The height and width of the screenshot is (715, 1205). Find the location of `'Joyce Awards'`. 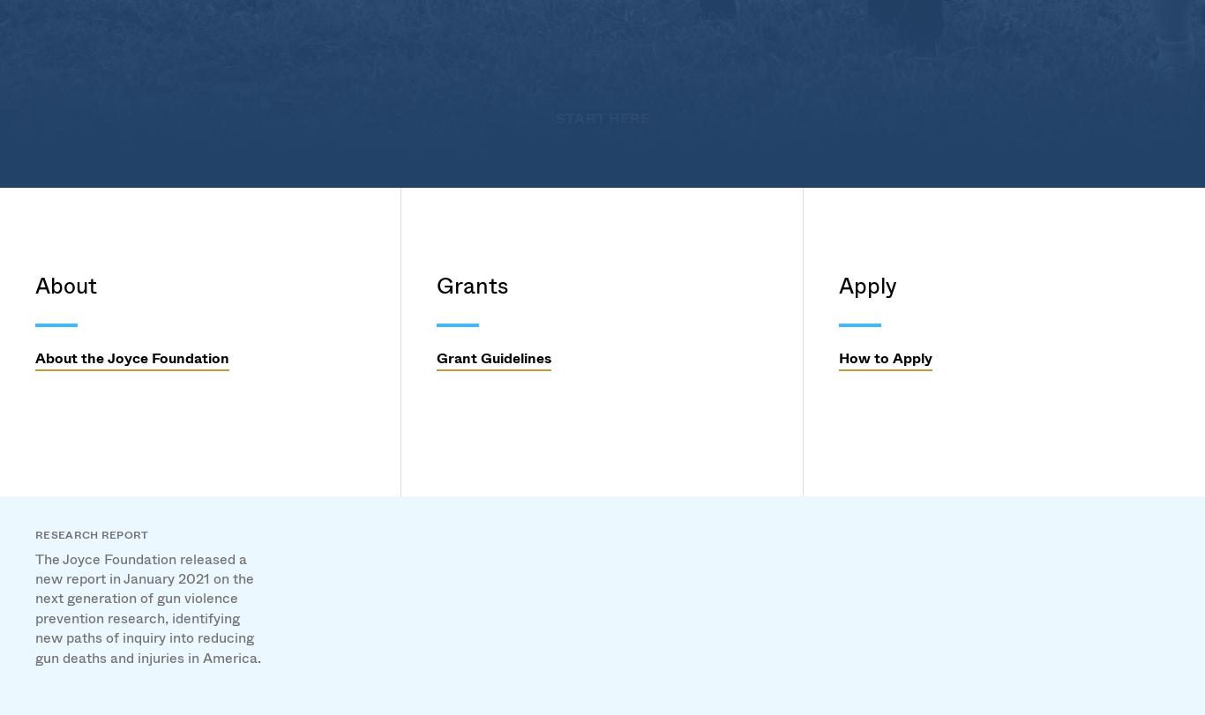

'Joyce Awards' is located at coordinates (495, 331).